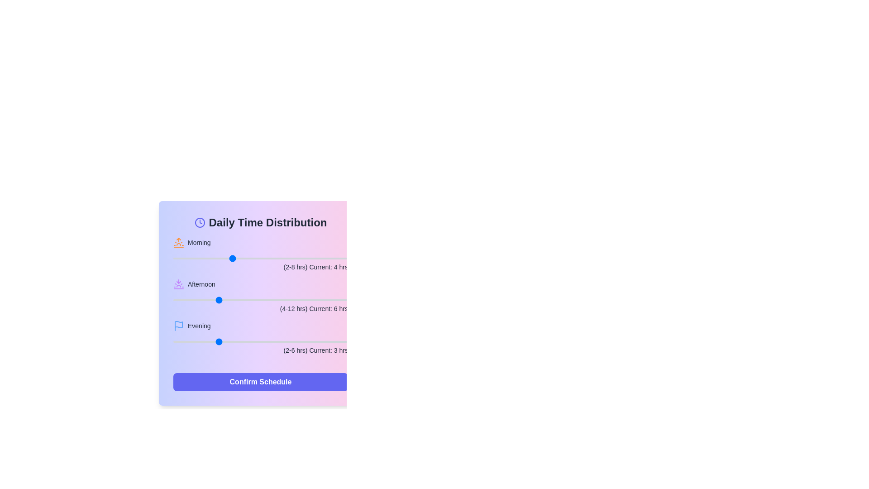 Image resolution: width=869 pixels, height=489 pixels. Describe the element at coordinates (231, 258) in the screenshot. I see `the morning hours slider` at that location.